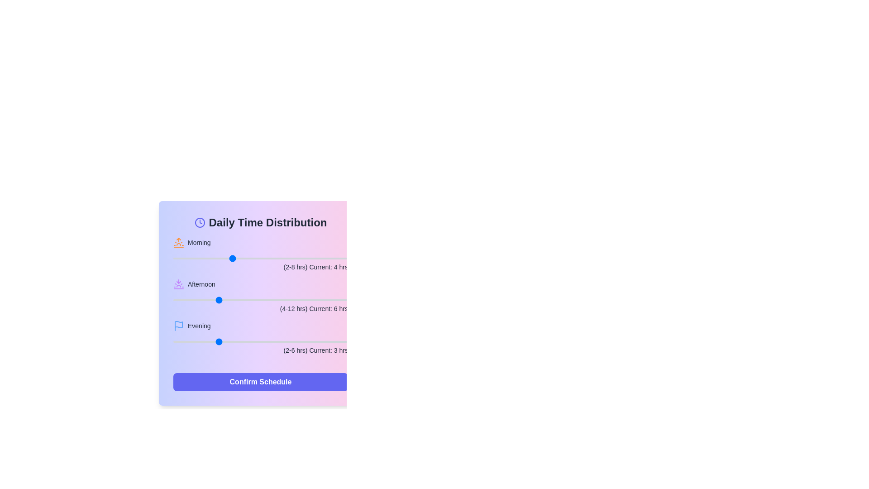 Image resolution: width=869 pixels, height=489 pixels. Describe the element at coordinates (231, 258) in the screenshot. I see `the morning hours slider` at that location.